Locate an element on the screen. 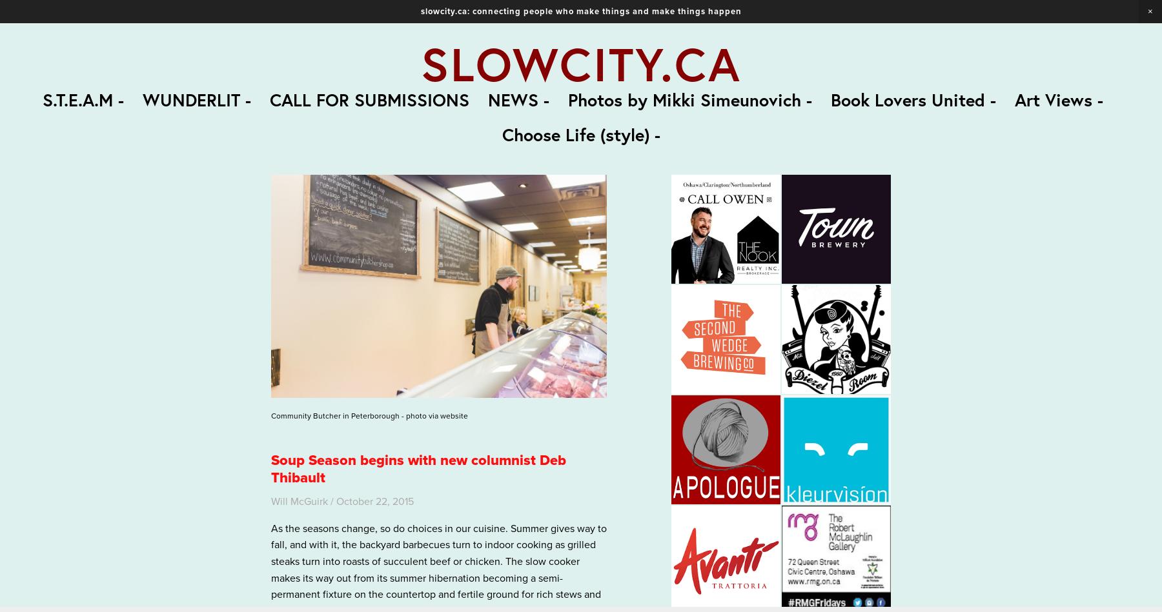 The image size is (1162, 612). 'NEWS -' is located at coordinates (518, 99).